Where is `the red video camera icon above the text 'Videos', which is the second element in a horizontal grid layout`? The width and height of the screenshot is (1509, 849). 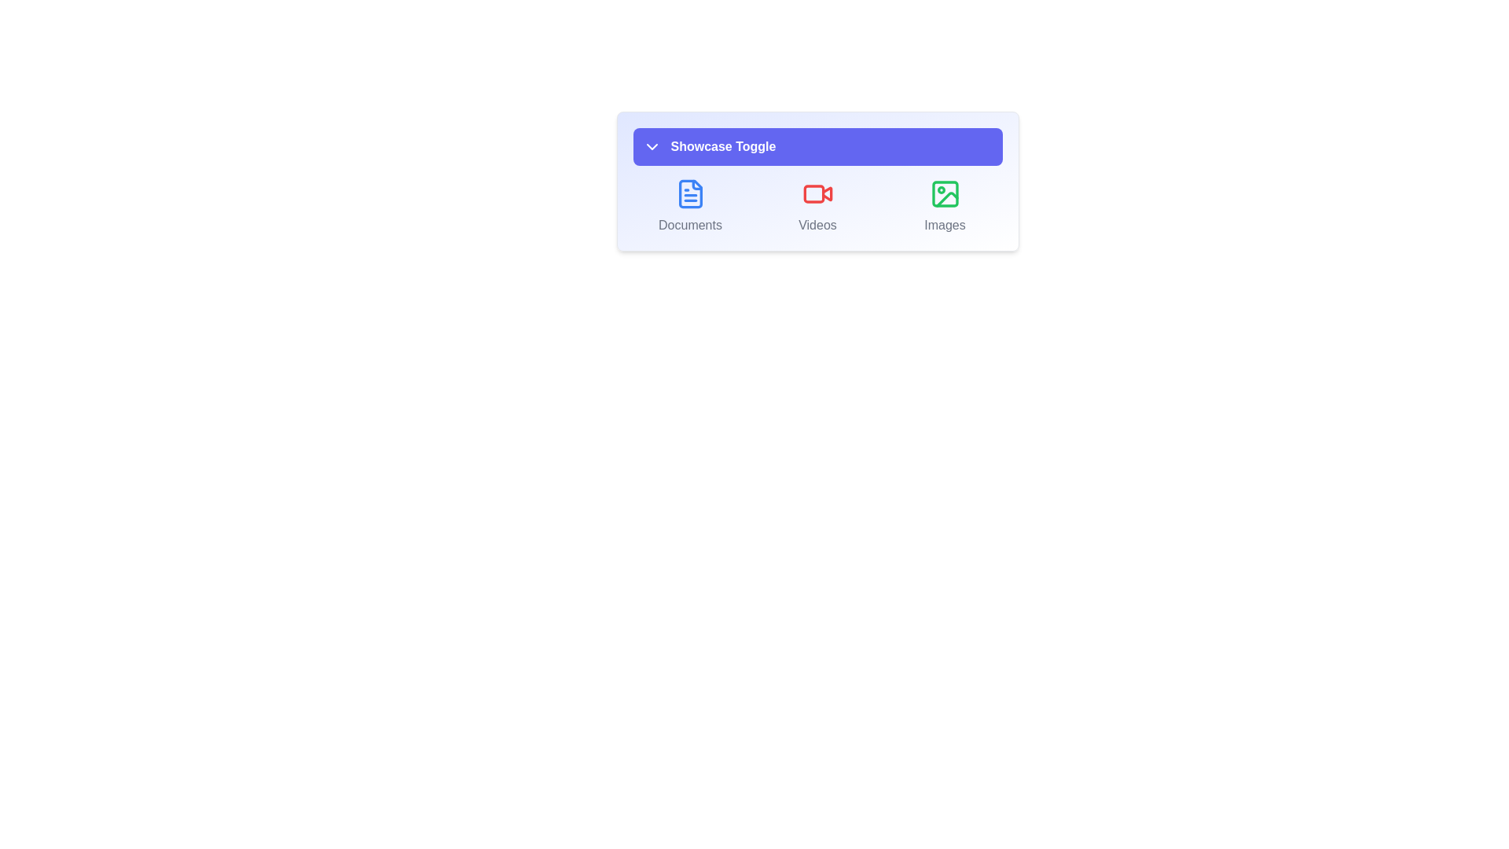 the red video camera icon above the text 'Videos', which is the second element in a horizontal grid layout is located at coordinates (817, 205).